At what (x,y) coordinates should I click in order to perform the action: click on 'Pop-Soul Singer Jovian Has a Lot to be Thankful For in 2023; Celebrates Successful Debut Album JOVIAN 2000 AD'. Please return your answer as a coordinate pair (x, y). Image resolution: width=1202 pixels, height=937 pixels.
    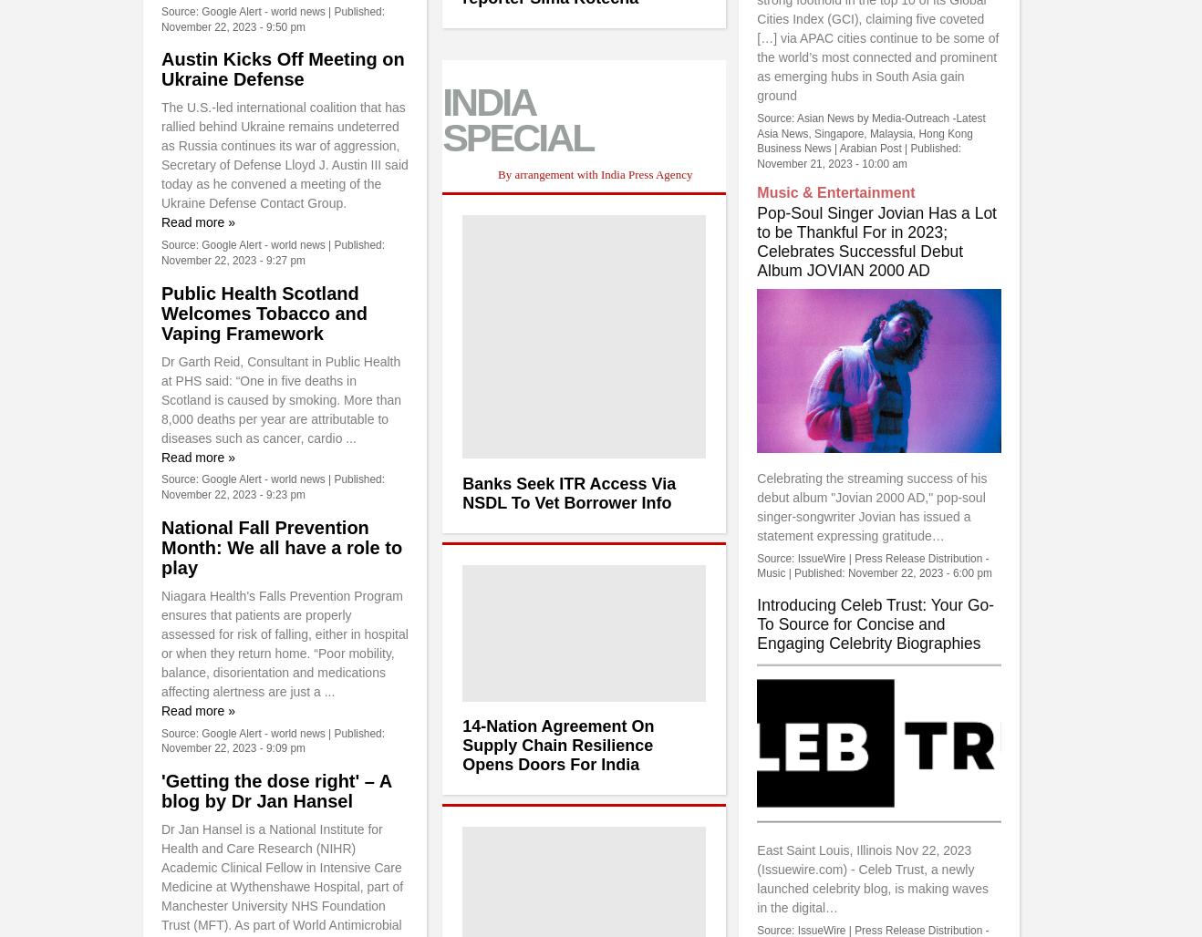
    Looking at the image, I should click on (875, 242).